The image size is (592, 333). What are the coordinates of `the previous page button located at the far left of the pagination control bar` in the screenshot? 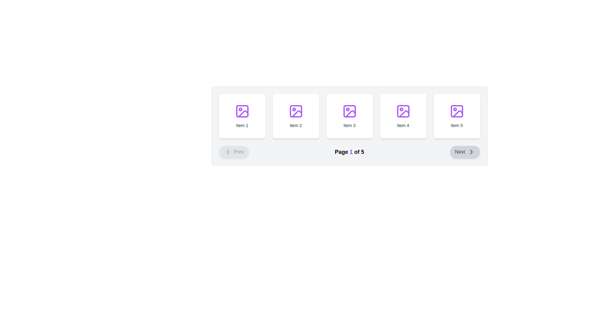 It's located at (233, 152).